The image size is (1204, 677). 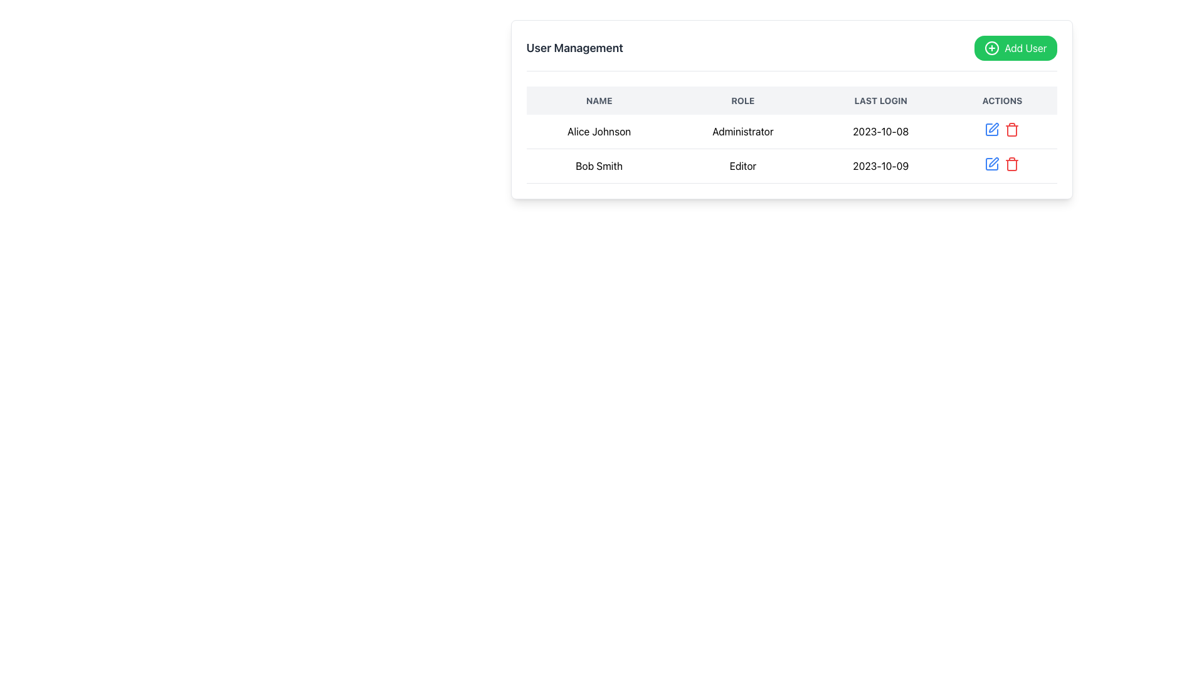 I want to click on the editing icon button for user 'Alice Johnson' in the 'Actions' column, so click(x=993, y=161).